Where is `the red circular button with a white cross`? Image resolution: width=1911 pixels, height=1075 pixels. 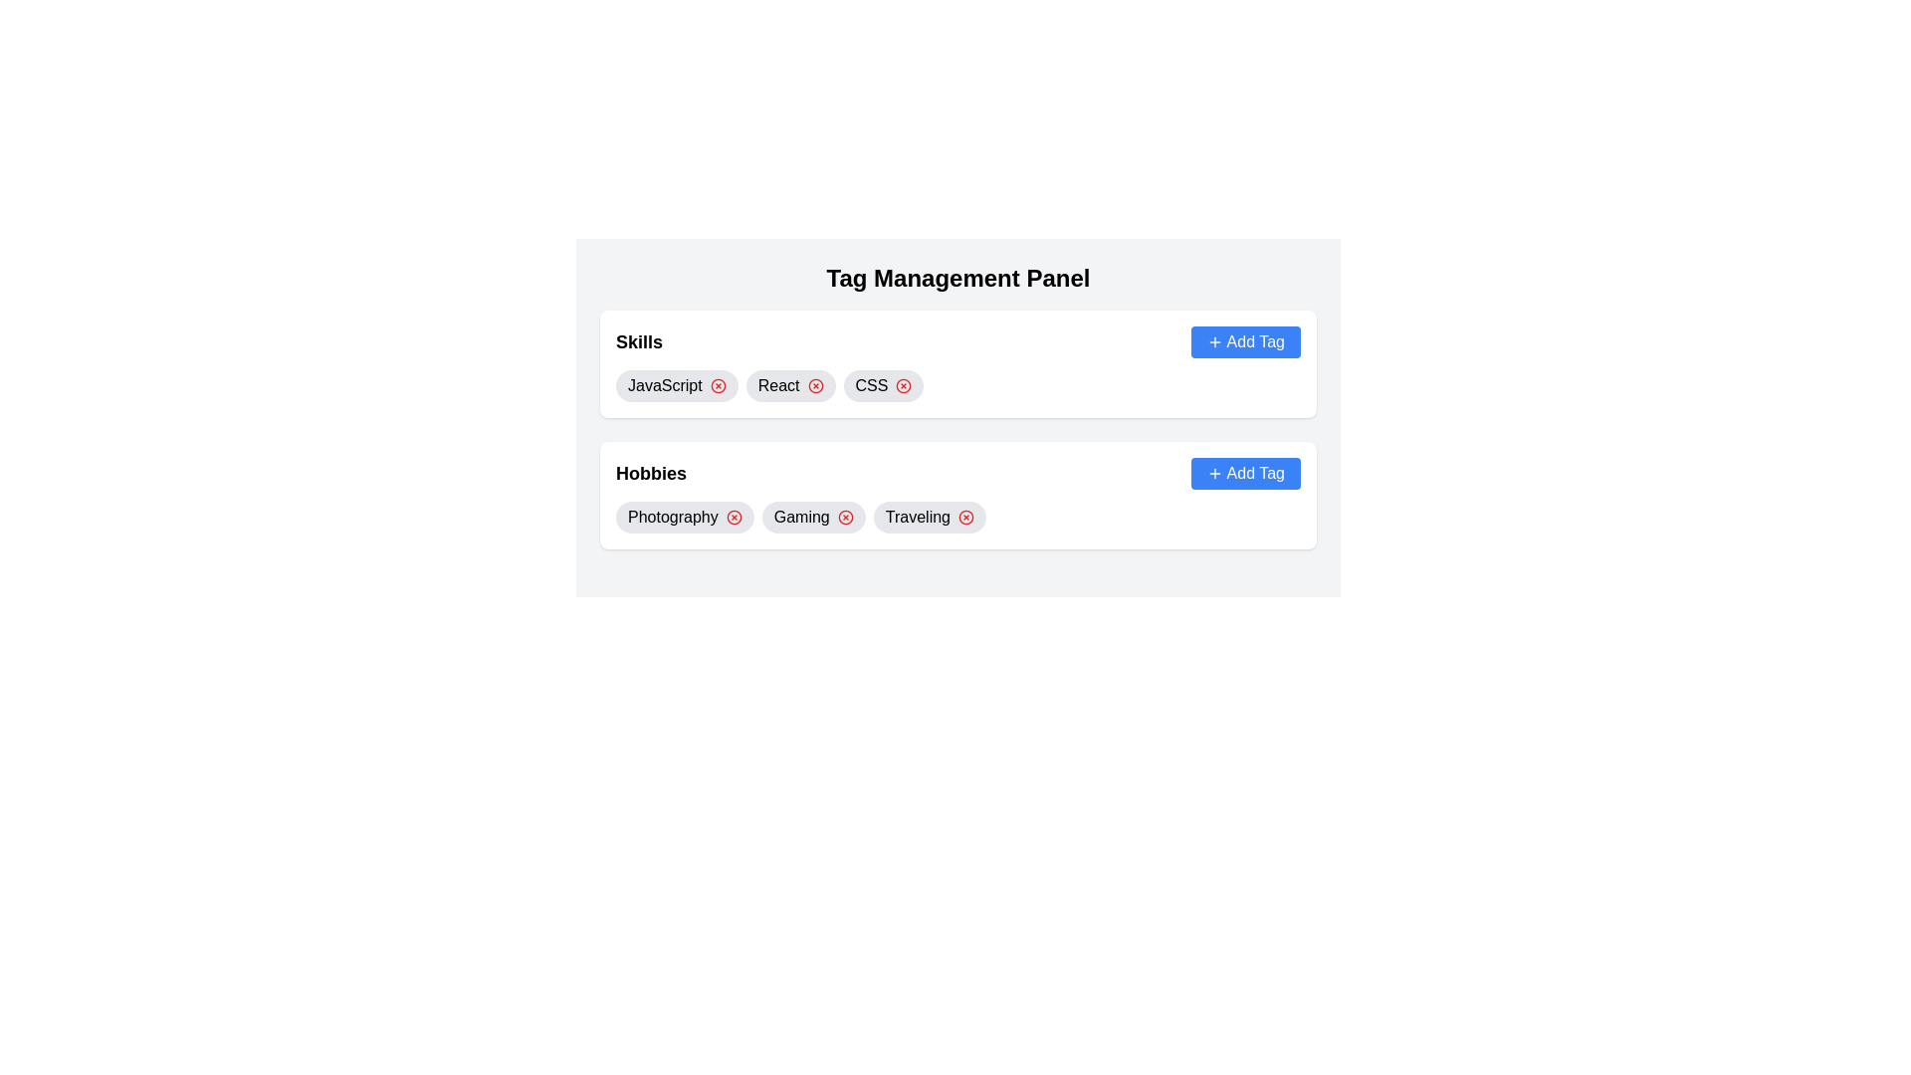
the red circular button with a white cross is located at coordinates (929, 517).